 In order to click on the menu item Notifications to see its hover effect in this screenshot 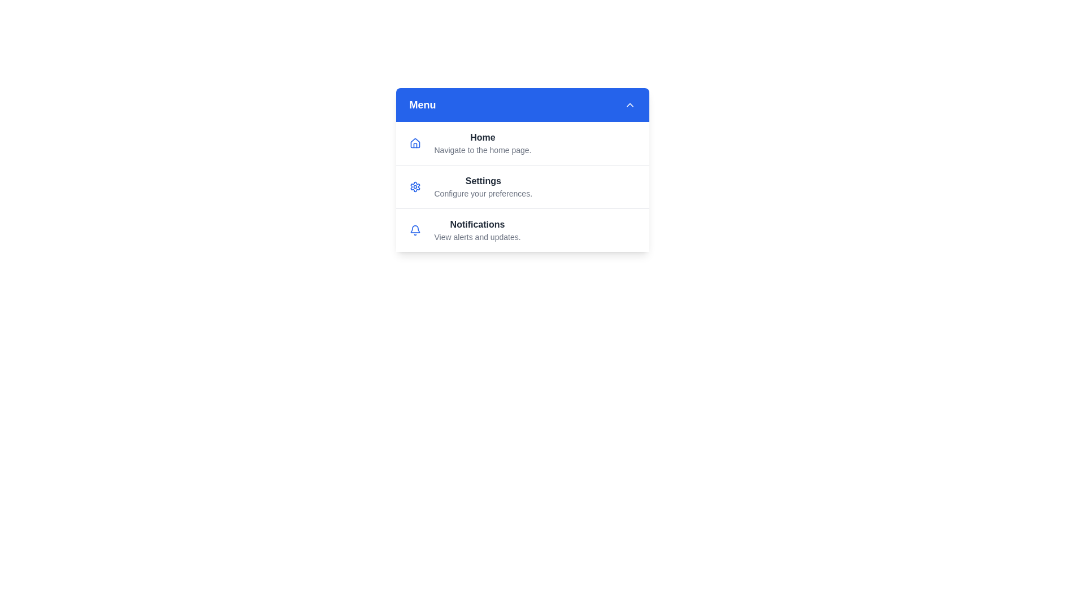, I will do `click(522, 229)`.